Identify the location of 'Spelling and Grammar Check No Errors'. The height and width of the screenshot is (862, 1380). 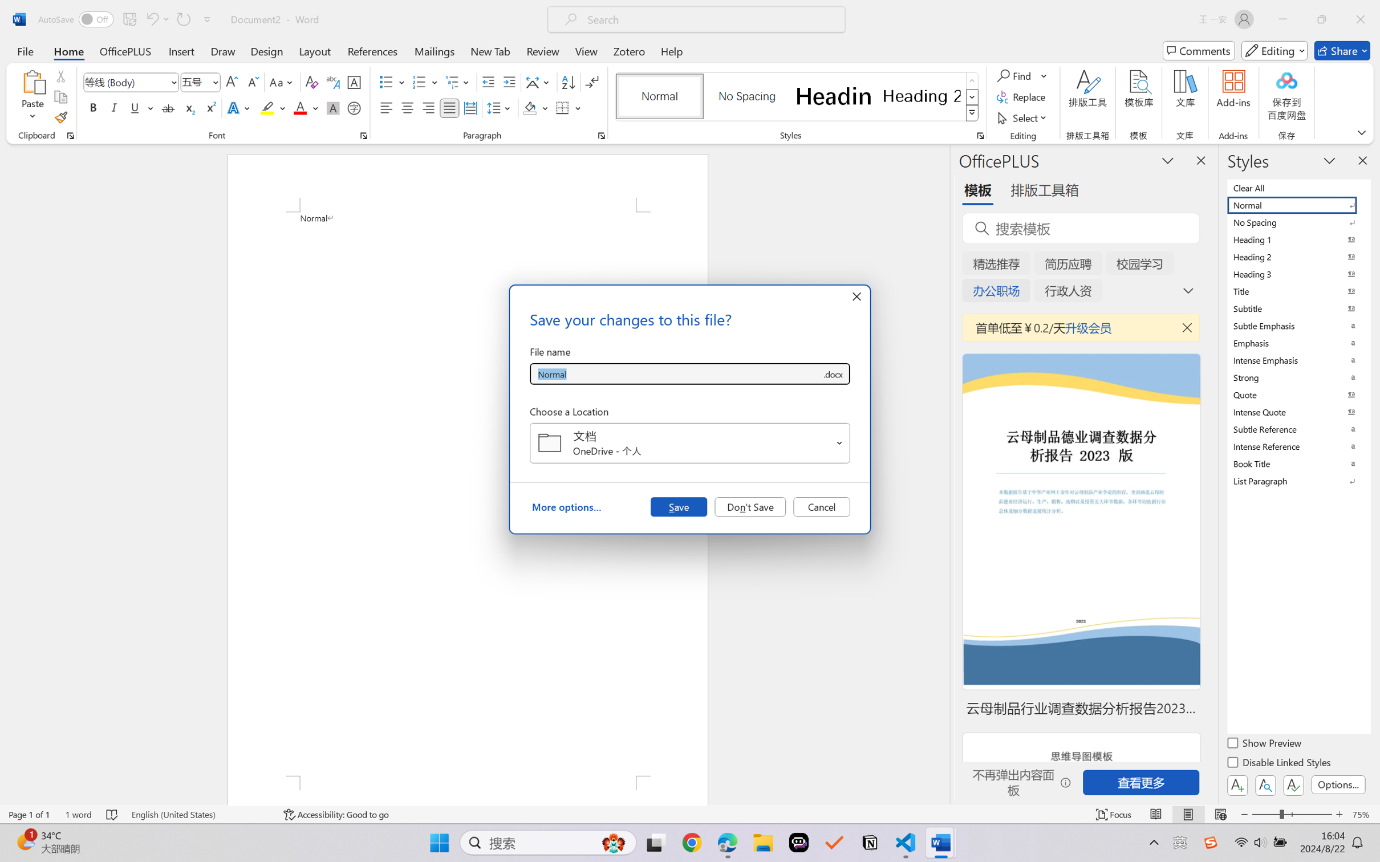
(112, 814).